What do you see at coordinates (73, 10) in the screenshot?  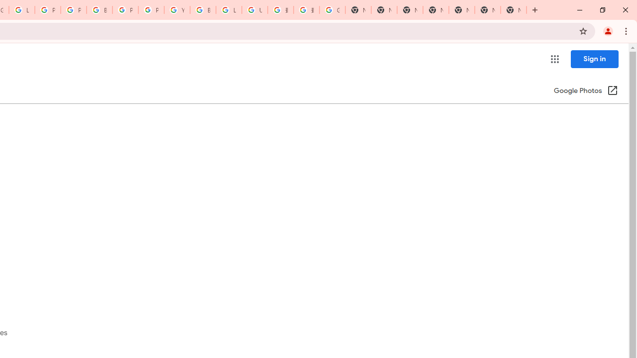 I see `'Privacy Help Center - Policies Help'` at bounding box center [73, 10].